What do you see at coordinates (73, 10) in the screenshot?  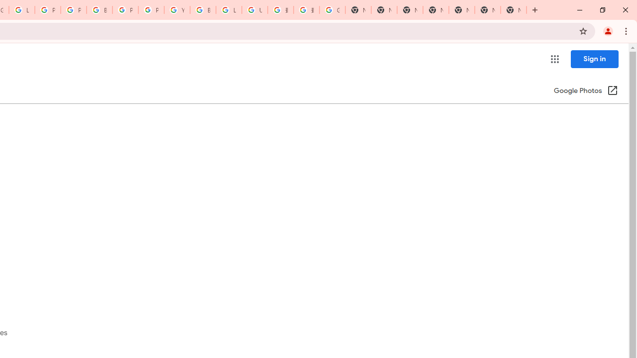 I see `'Privacy Help Center - Policies Help'` at bounding box center [73, 10].